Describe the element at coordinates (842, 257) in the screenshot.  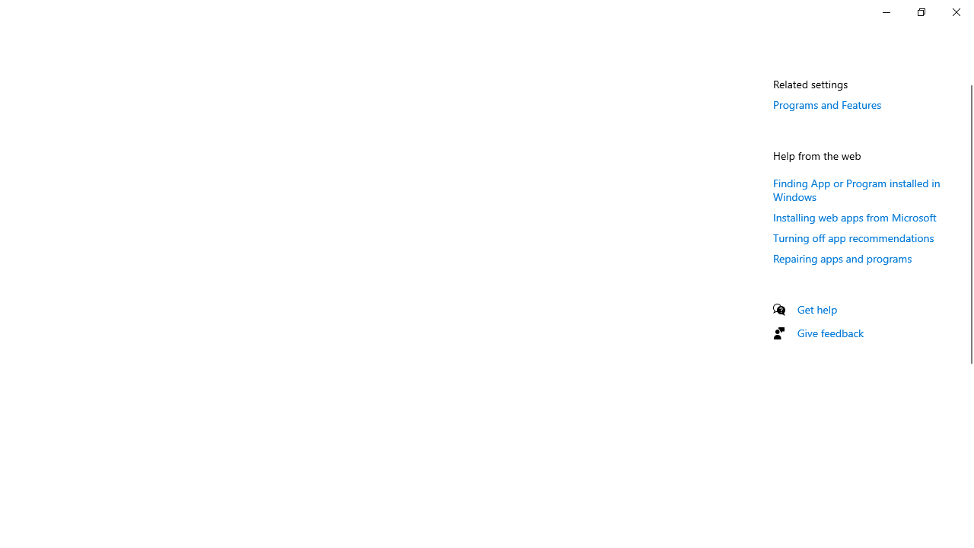
I see `'Repairing apps and programs'` at that location.